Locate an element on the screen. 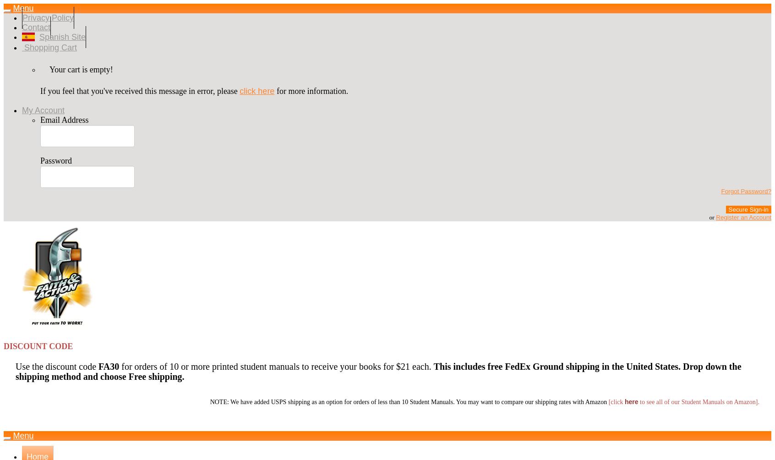  'Forgot Password?' is located at coordinates (746, 191).